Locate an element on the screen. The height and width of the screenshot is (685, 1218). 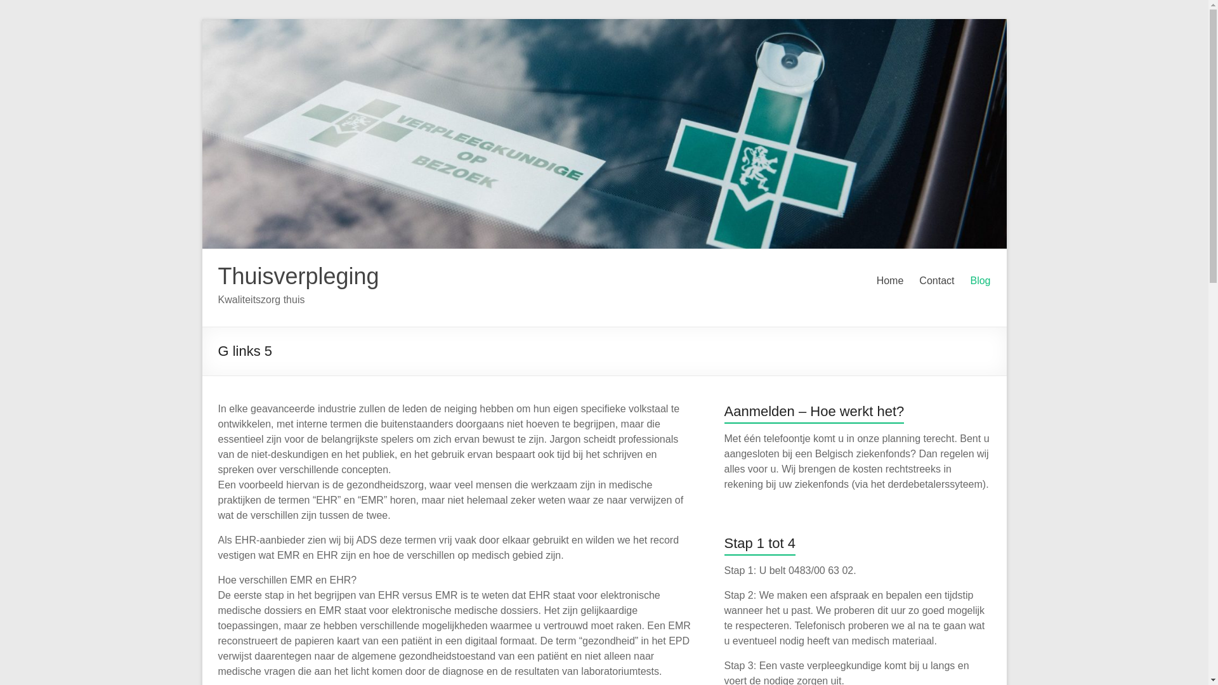
'Contact' is located at coordinates (936, 280).